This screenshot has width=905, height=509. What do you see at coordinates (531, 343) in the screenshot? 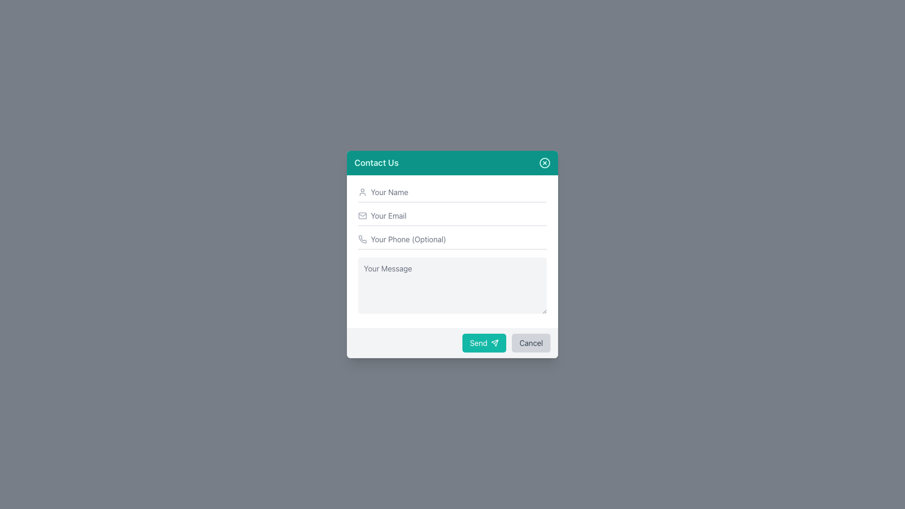
I see `the rectangular 'Cancel' button with a grey background located on the bottom-right side of the modal` at bounding box center [531, 343].